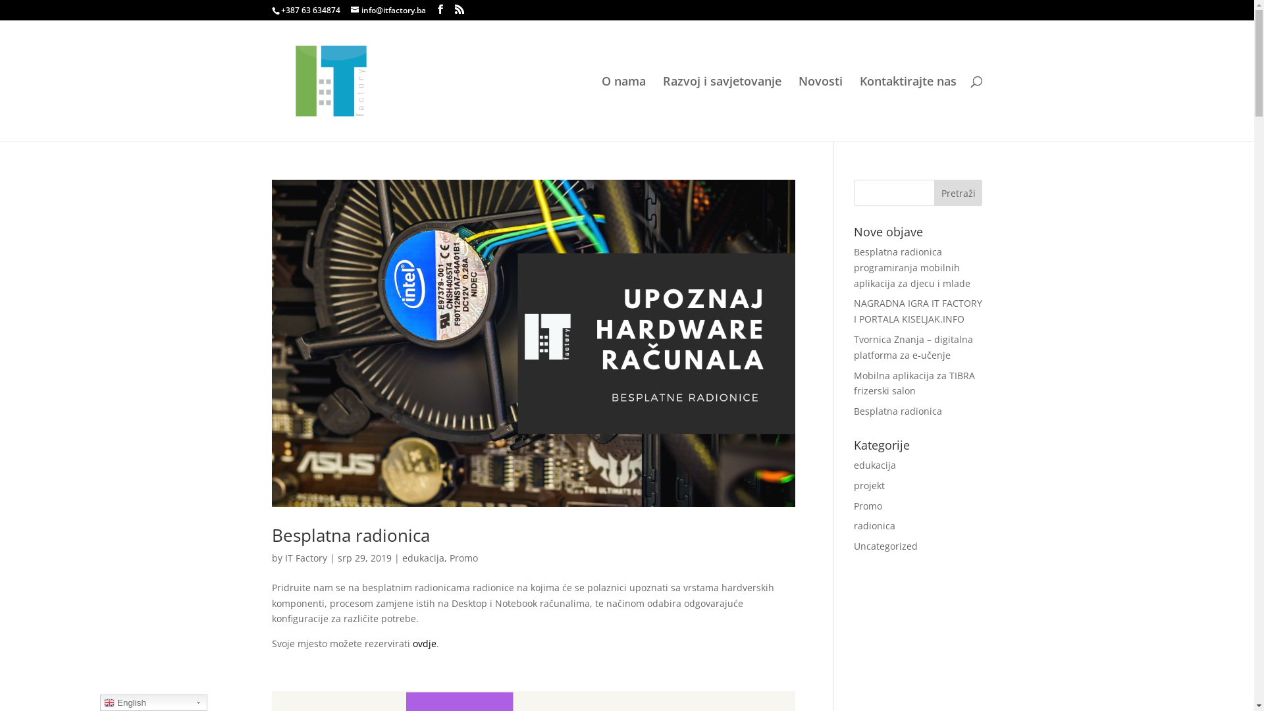 Image resolution: width=1264 pixels, height=711 pixels. Describe the element at coordinates (387, 10) in the screenshot. I see `'info@itfactory.ba'` at that location.